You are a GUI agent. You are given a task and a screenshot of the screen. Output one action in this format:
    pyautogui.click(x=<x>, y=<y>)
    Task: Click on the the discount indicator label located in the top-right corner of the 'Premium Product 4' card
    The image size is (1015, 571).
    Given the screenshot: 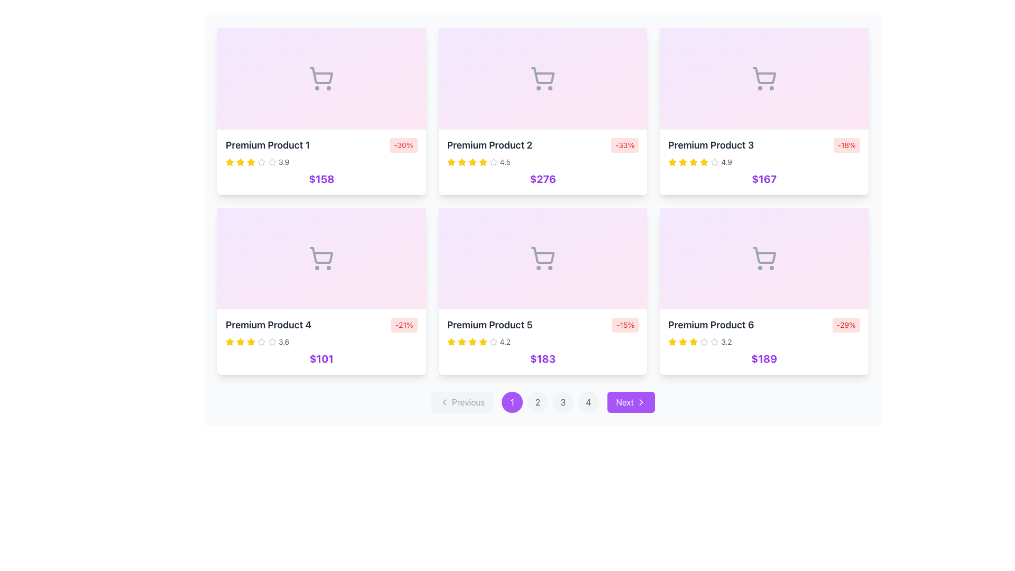 What is the action you would take?
    pyautogui.click(x=403, y=324)
    